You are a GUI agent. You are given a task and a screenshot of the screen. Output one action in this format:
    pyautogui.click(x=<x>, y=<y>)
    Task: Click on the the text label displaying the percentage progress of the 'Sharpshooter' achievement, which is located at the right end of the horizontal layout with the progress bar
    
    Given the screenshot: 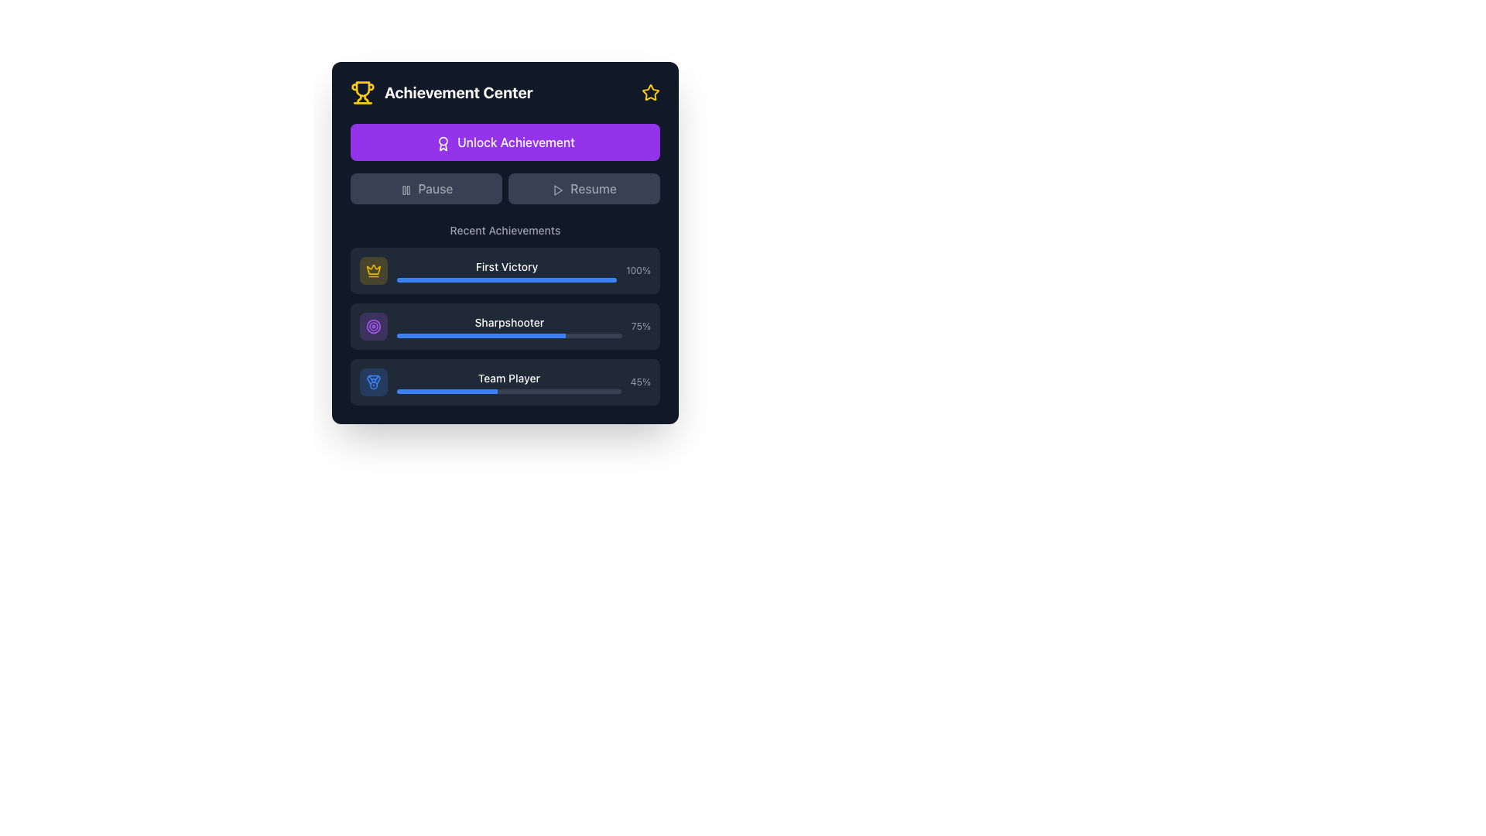 What is the action you would take?
    pyautogui.click(x=641, y=325)
    